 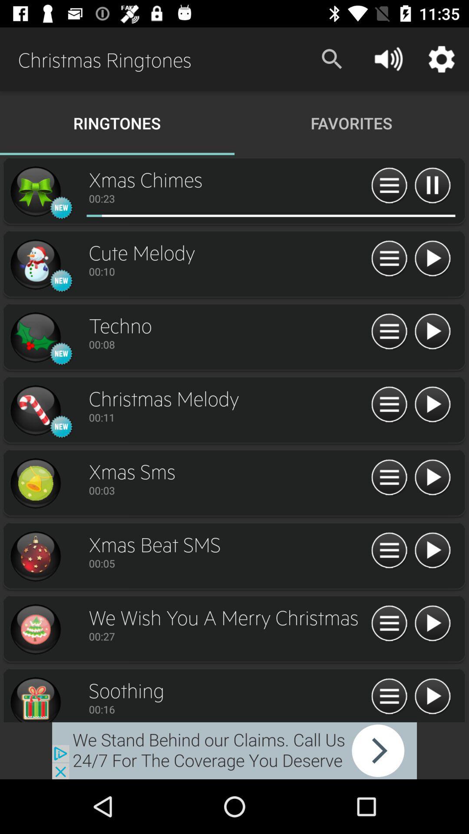 I want to click on sound, so click(x=432, y=697).